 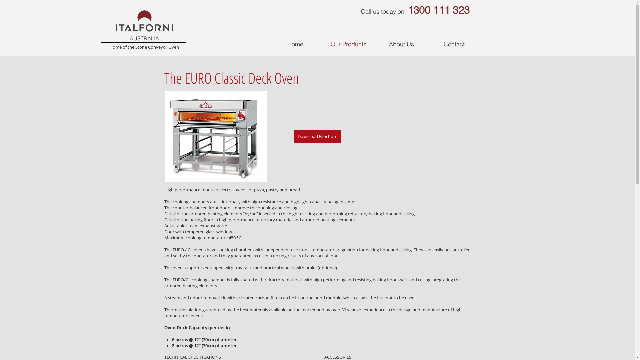 What do you see at coordinates (374, 44) in the screenshot?
I see `'About Us'` at bounding box center [374, 44].